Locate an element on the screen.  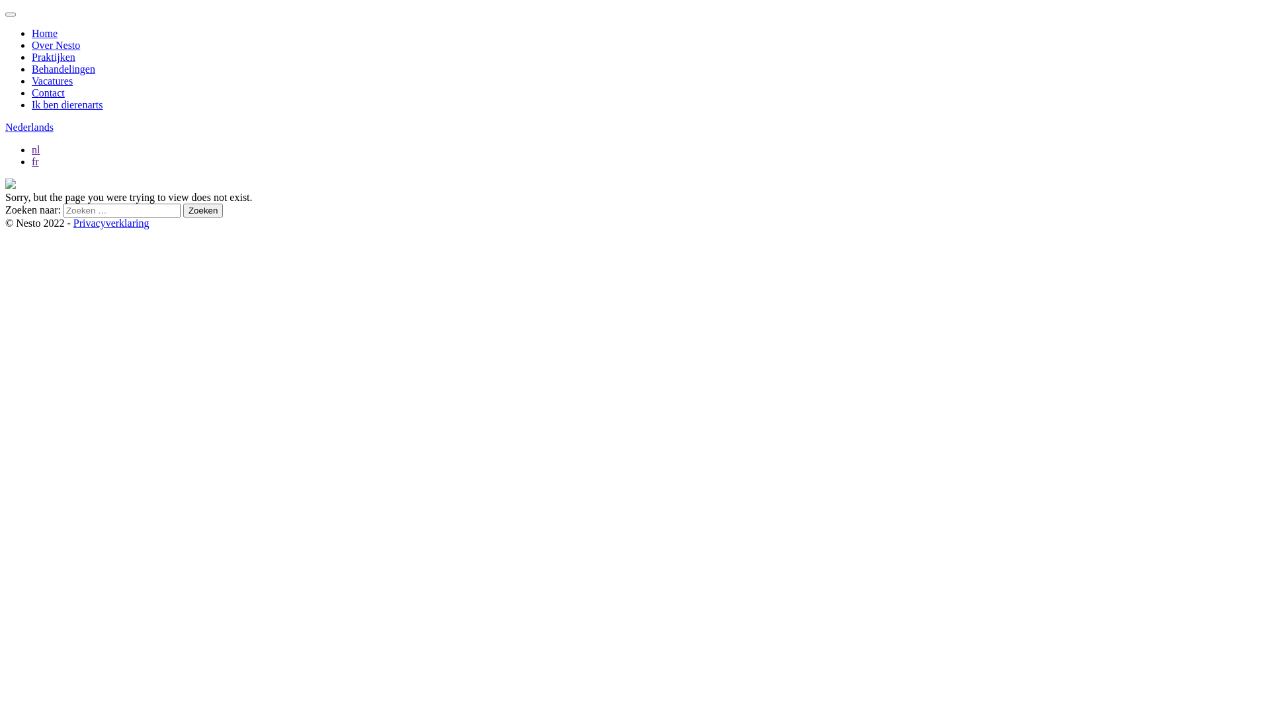
'Contact' is located at coordinates (48, 92).